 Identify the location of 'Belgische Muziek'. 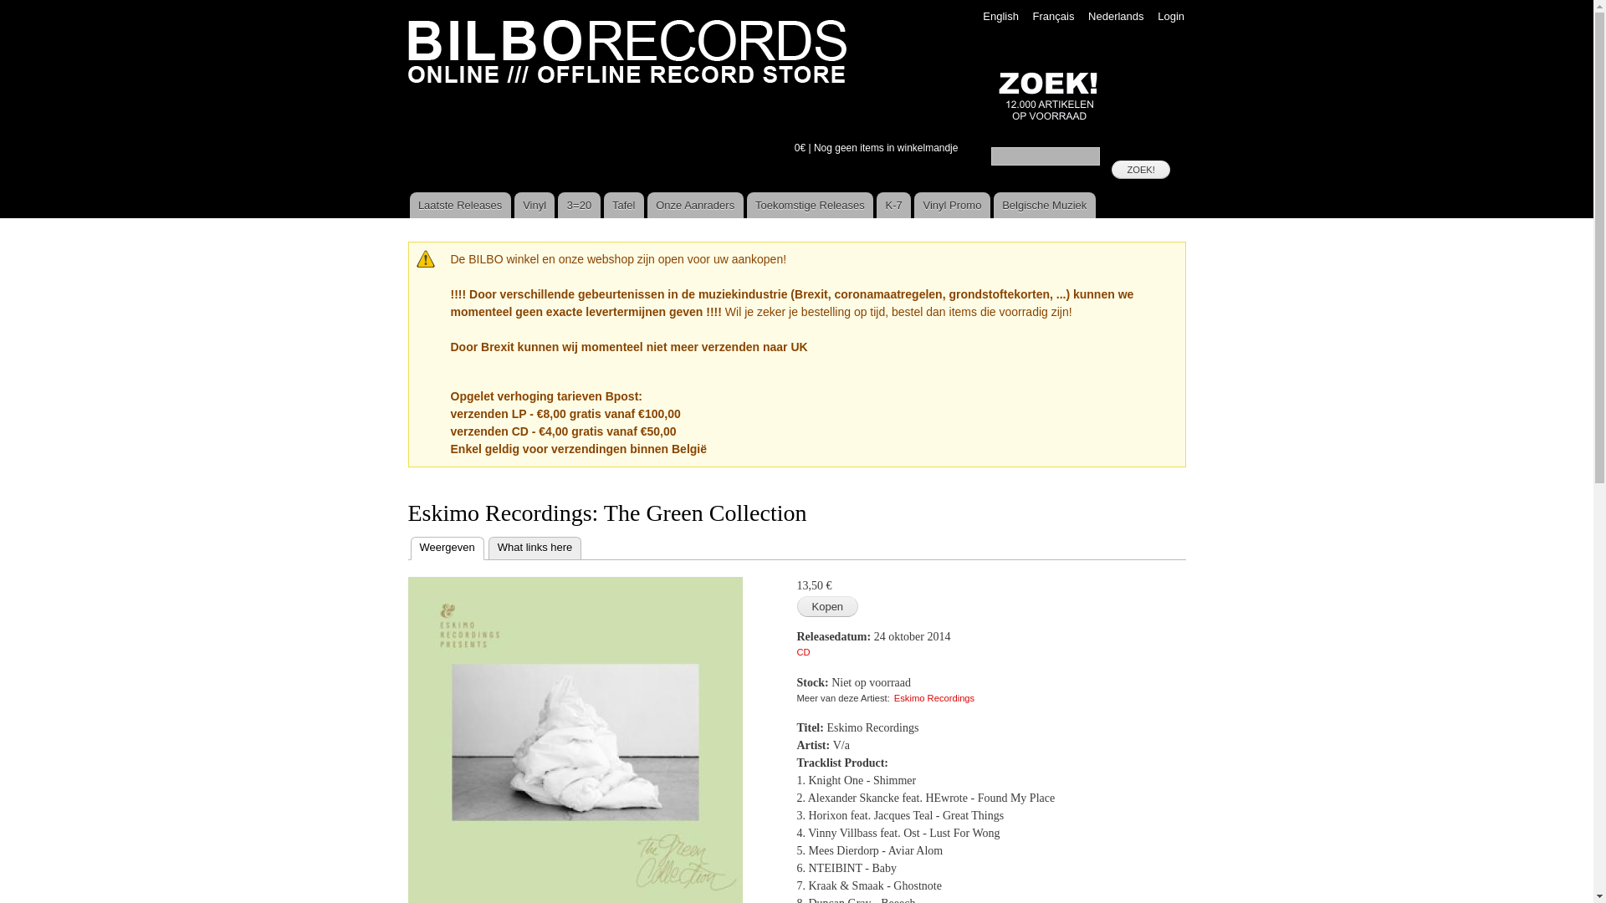
(1043, 204).